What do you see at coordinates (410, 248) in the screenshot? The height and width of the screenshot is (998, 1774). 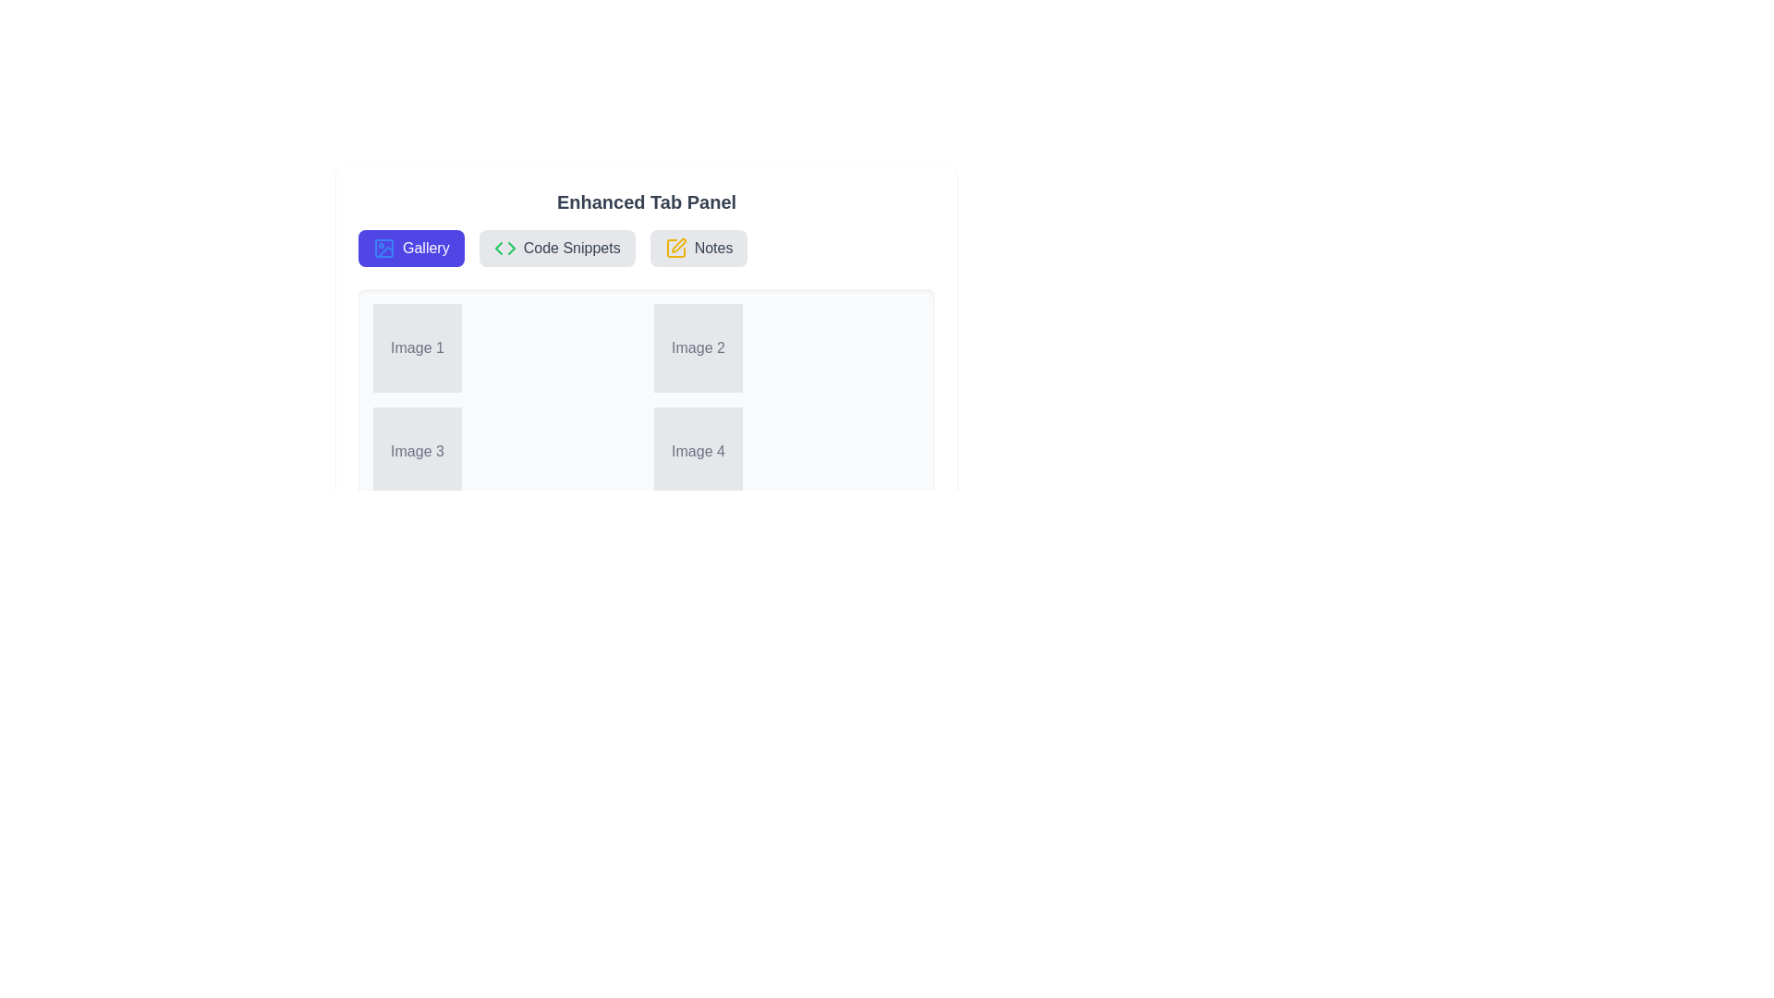 I see `the Gallery tab button to observe its hover effect` at bounding box center [410, 248].